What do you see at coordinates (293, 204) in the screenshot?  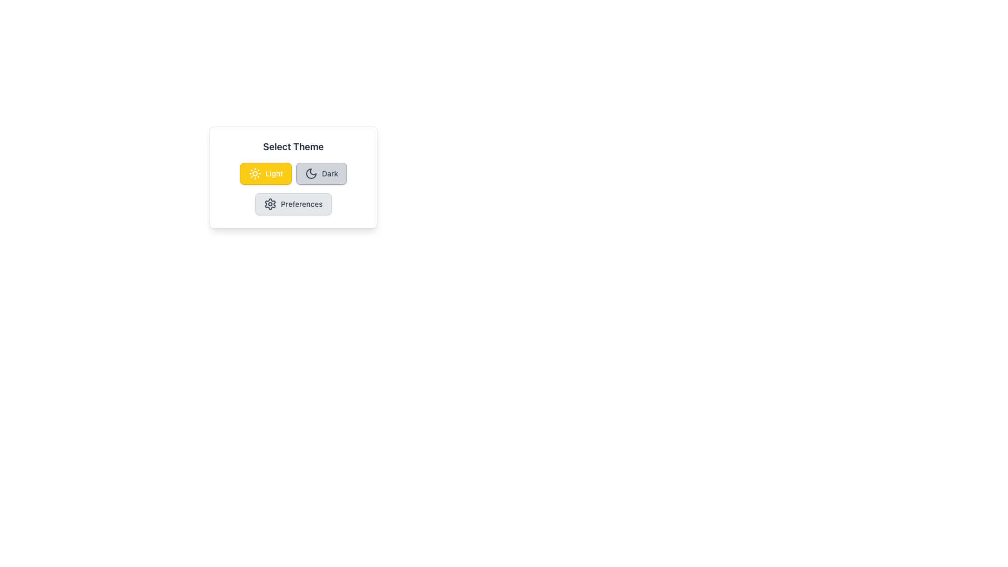 I see `the 'Preferences' button` at bounding box center [293, 204].